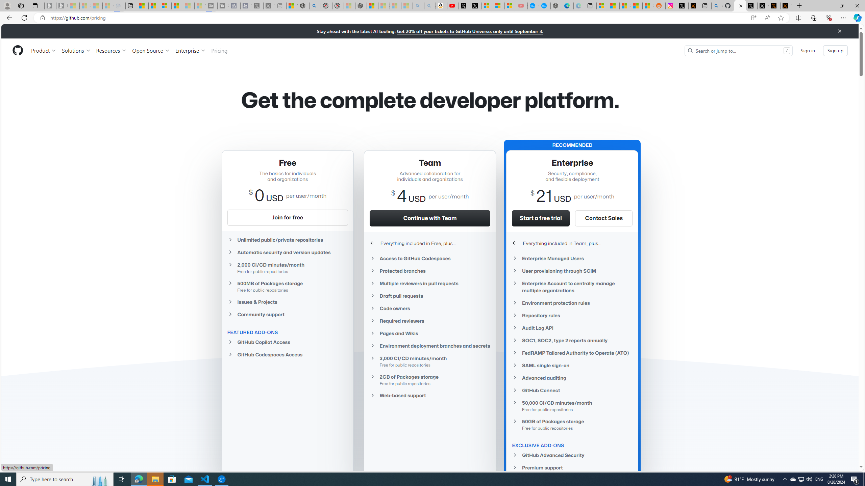  What do you see at coordinates (572, 340) in the screenshot?
I see `'SOC1, SOC2, type 2 reports annually'` at bounding box center [572, 340].